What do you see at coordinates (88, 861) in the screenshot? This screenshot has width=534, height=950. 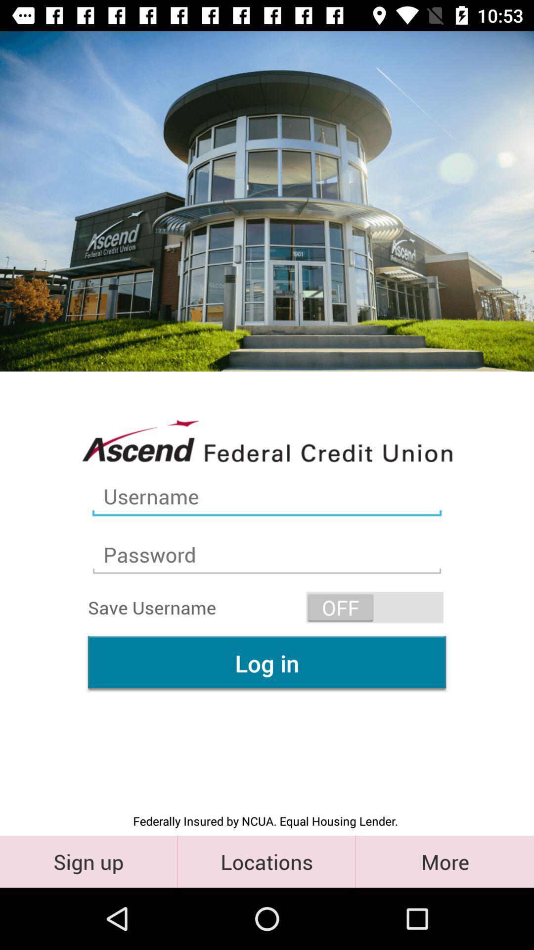 I see `item below federally insured by item` at bounding box center [88, 861].